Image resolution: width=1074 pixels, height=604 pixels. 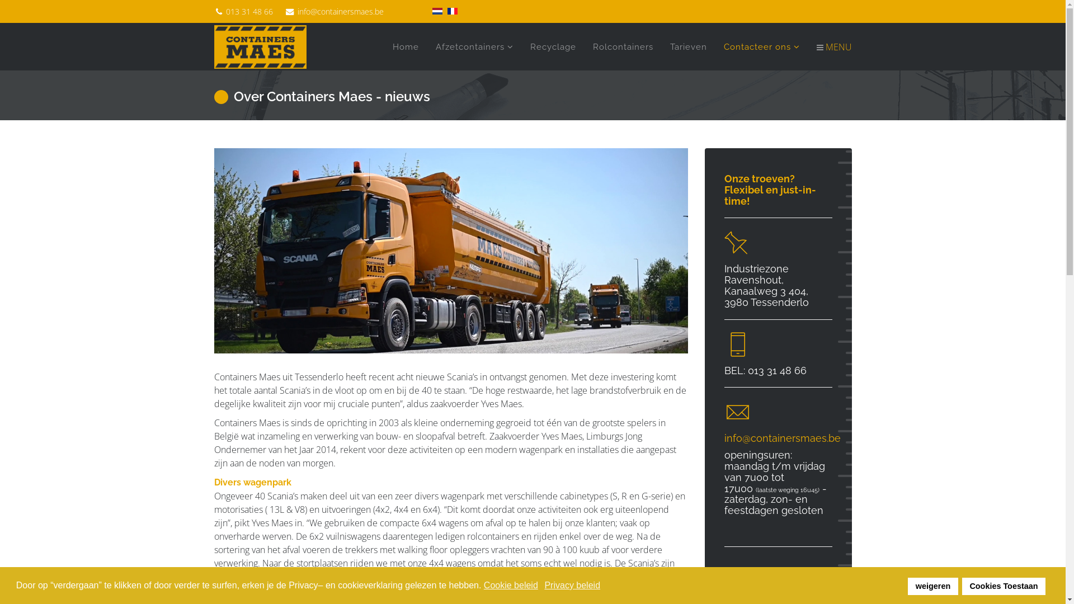 I want to click on 'Cookies Toestaan', so click(x=1004, y=586).